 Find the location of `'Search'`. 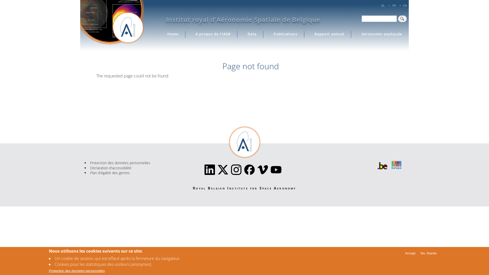

'Search' is located at coordinates (402, 18).